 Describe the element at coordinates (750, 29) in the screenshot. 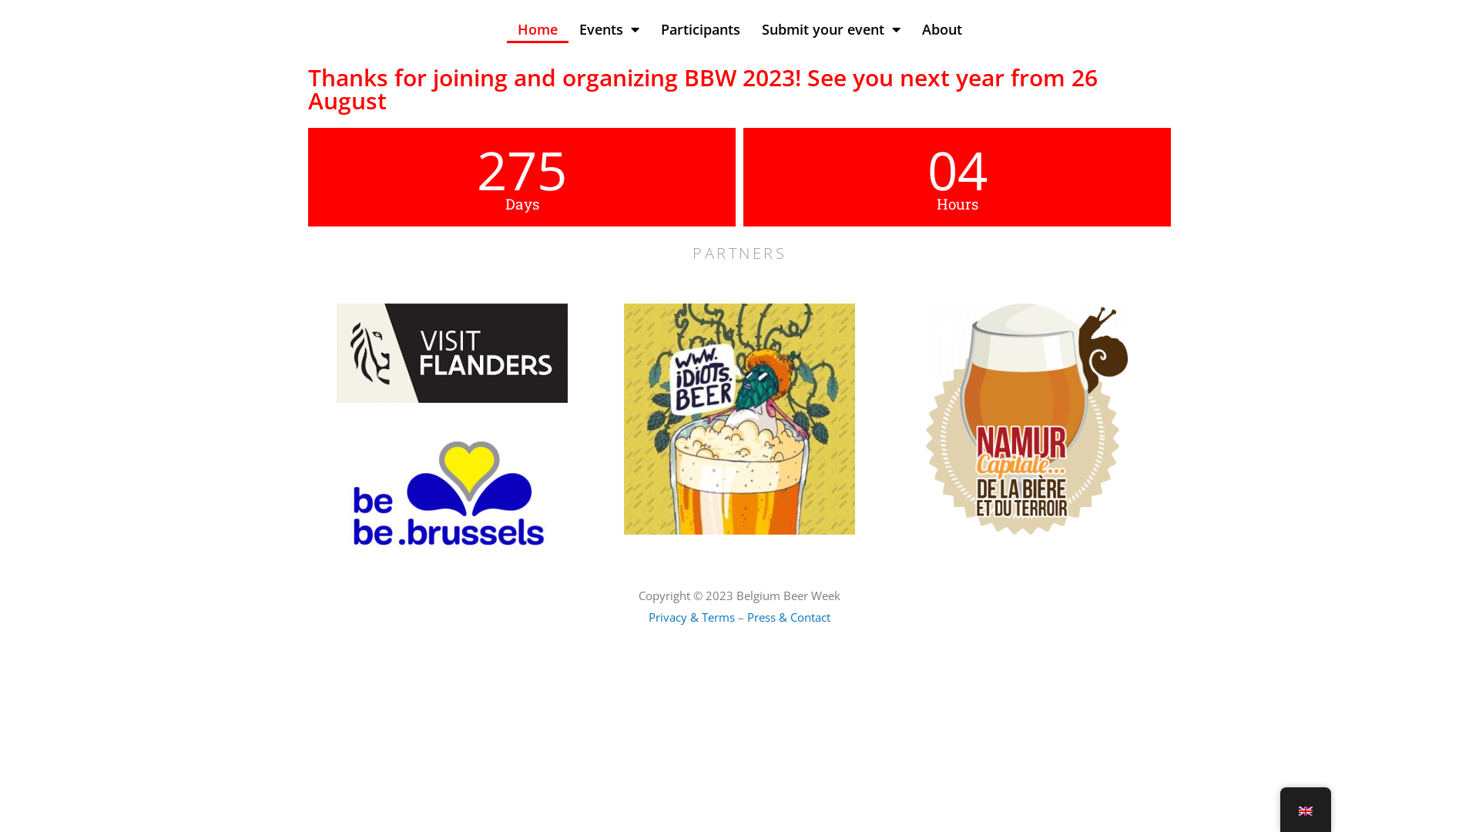

I see `'Submit your event'` at that location.